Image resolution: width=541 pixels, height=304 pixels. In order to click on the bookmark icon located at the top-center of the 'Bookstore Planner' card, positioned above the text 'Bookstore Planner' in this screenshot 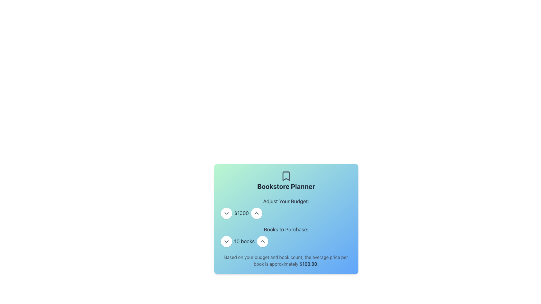, I will do `click(286, 176)`.